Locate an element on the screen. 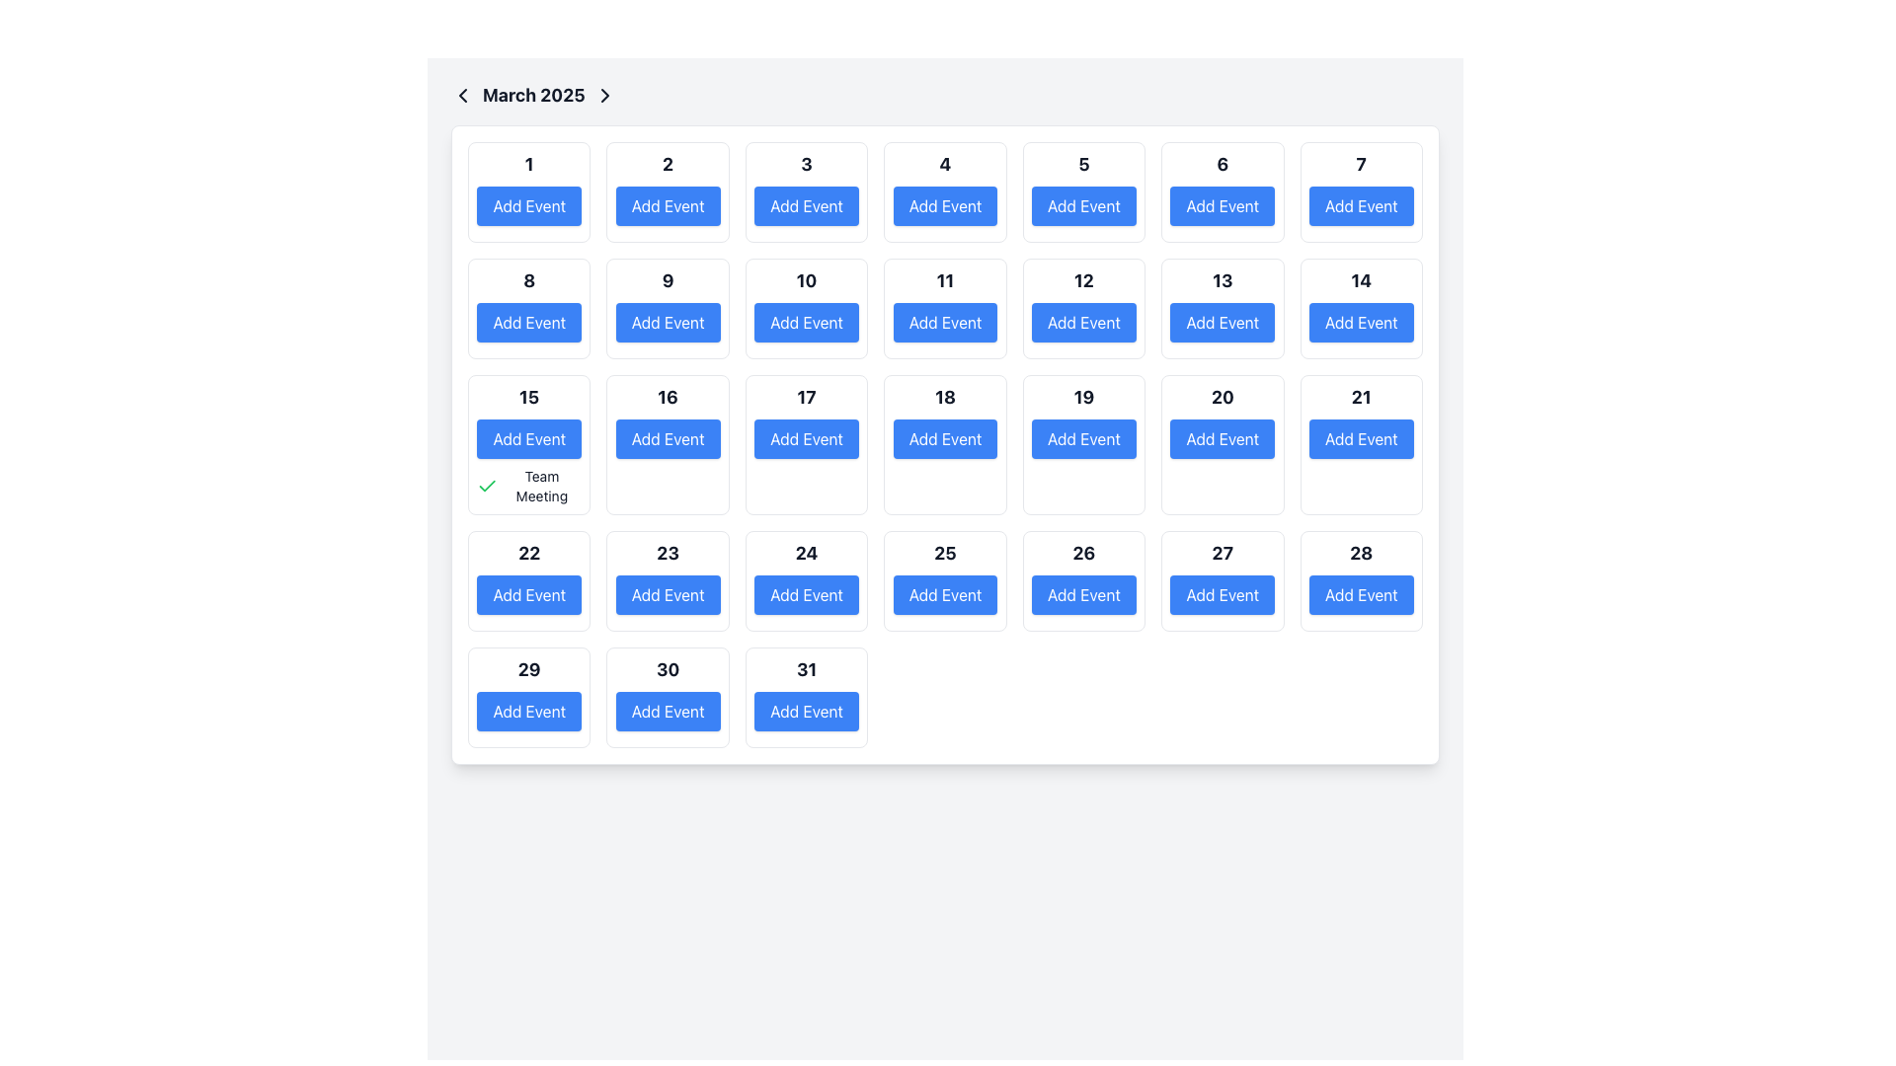 The width and height of the screenshot is (1896, 1066). the Calendar Day Cell representing the day number '19' is located at coordinates (1082, 445).